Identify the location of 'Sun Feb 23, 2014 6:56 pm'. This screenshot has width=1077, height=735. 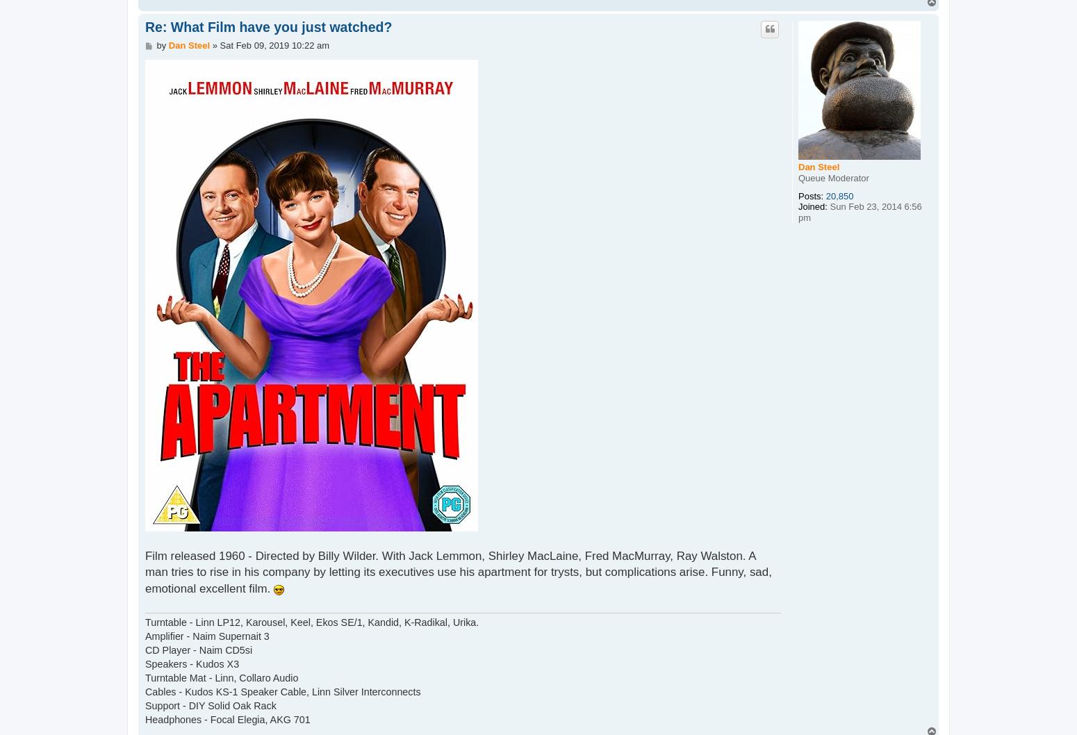
(860, 211).